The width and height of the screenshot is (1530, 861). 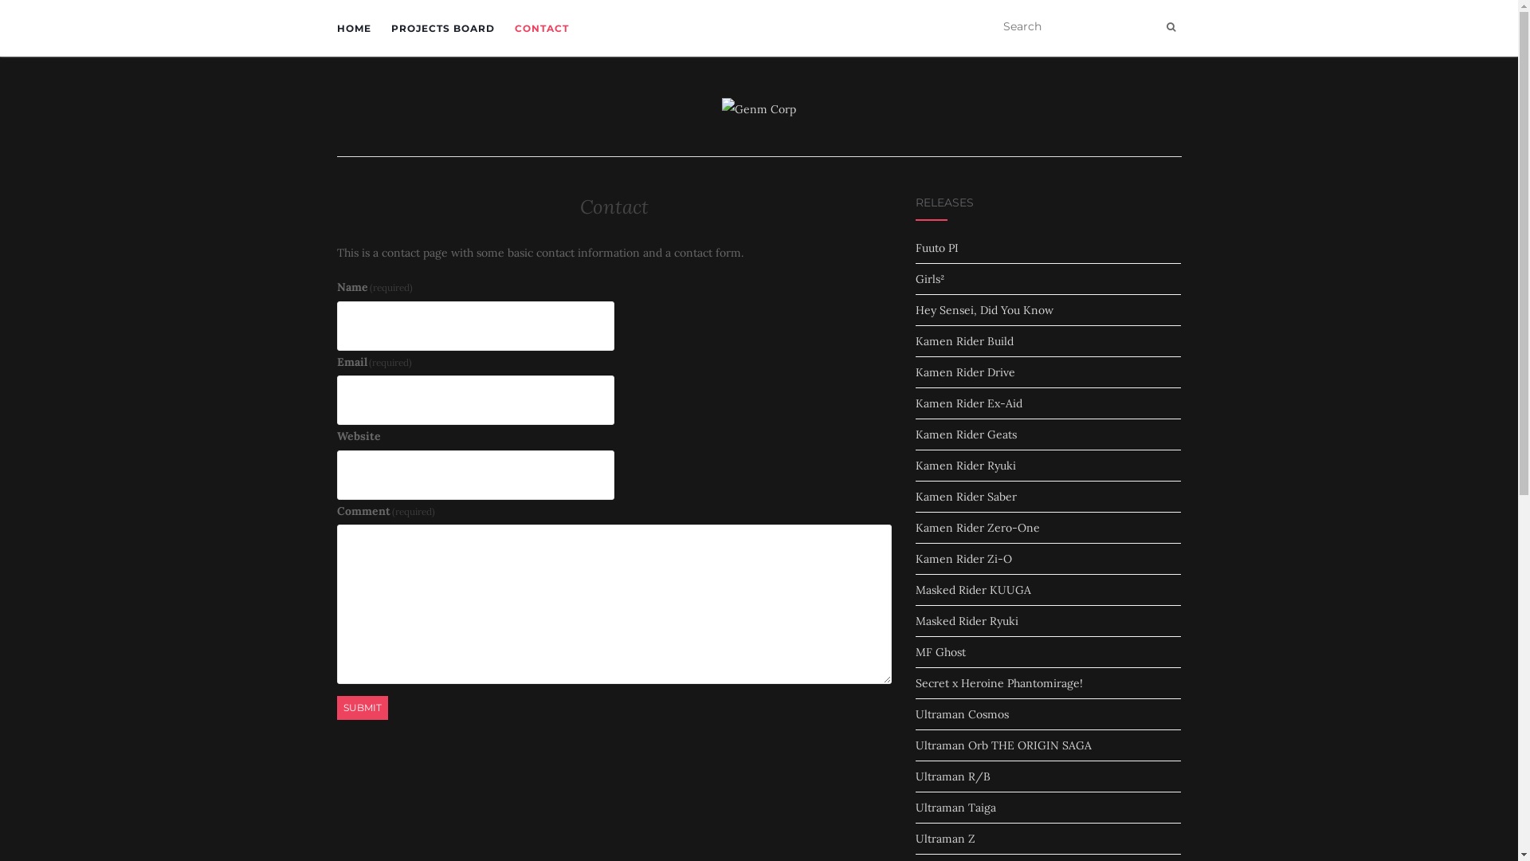 I want to click on 'Secret x Heroine Phantomirage!', so click(x=998, y=682).